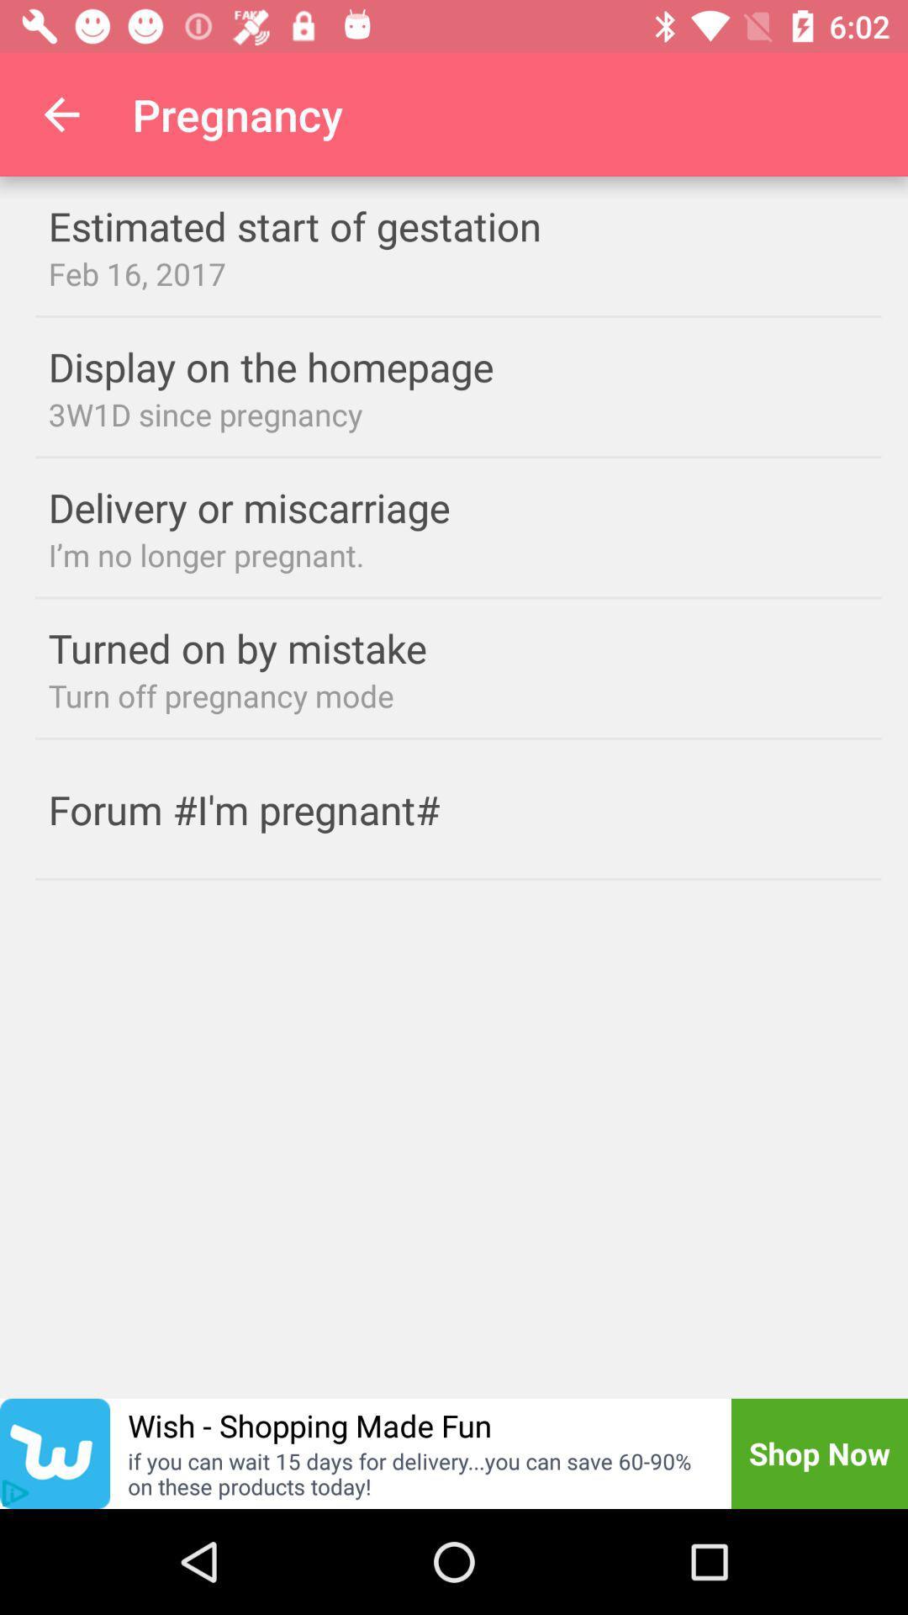 This screenshot has height=1615, width=908. I want to click on the wish shopping made item, so click(309, 1424).